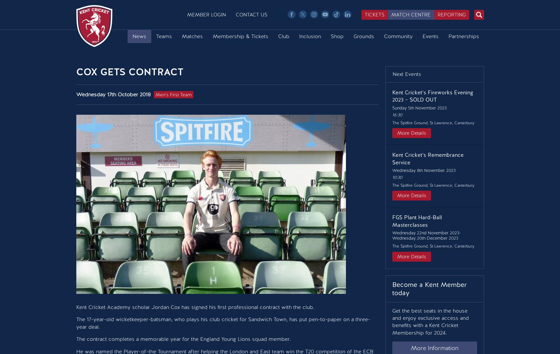 The width and height of the screenshot is (560, 354). I want to click on 'Upcoming Events', so click(416, 51).